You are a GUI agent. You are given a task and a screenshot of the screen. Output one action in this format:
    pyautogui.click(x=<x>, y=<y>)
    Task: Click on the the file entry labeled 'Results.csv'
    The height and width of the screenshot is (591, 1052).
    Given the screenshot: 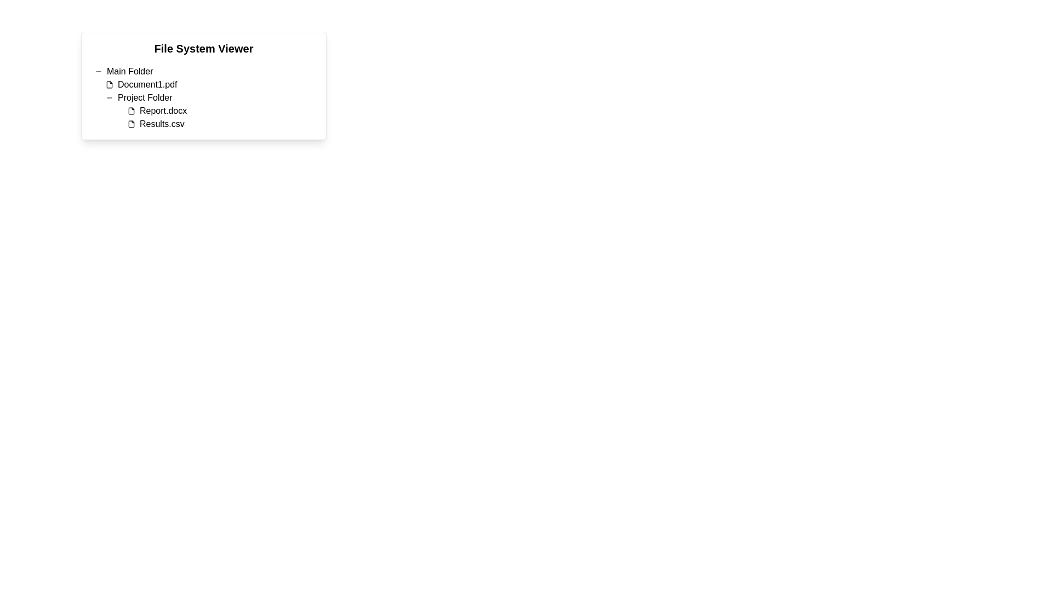 What is the action you would take?
    pyautogui.click(x=220, y=124)
    